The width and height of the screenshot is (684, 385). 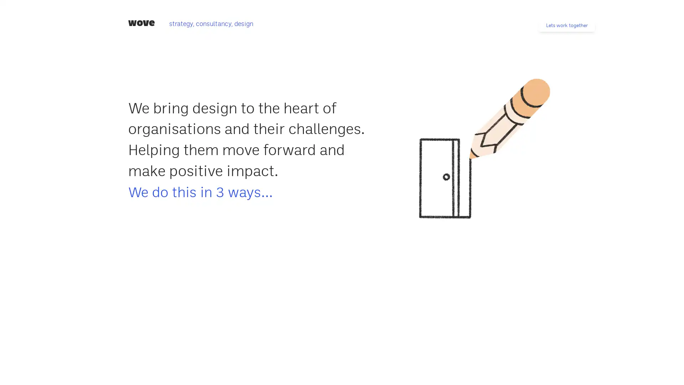 I want to click on Lets work together, so click(x=566, y=25).